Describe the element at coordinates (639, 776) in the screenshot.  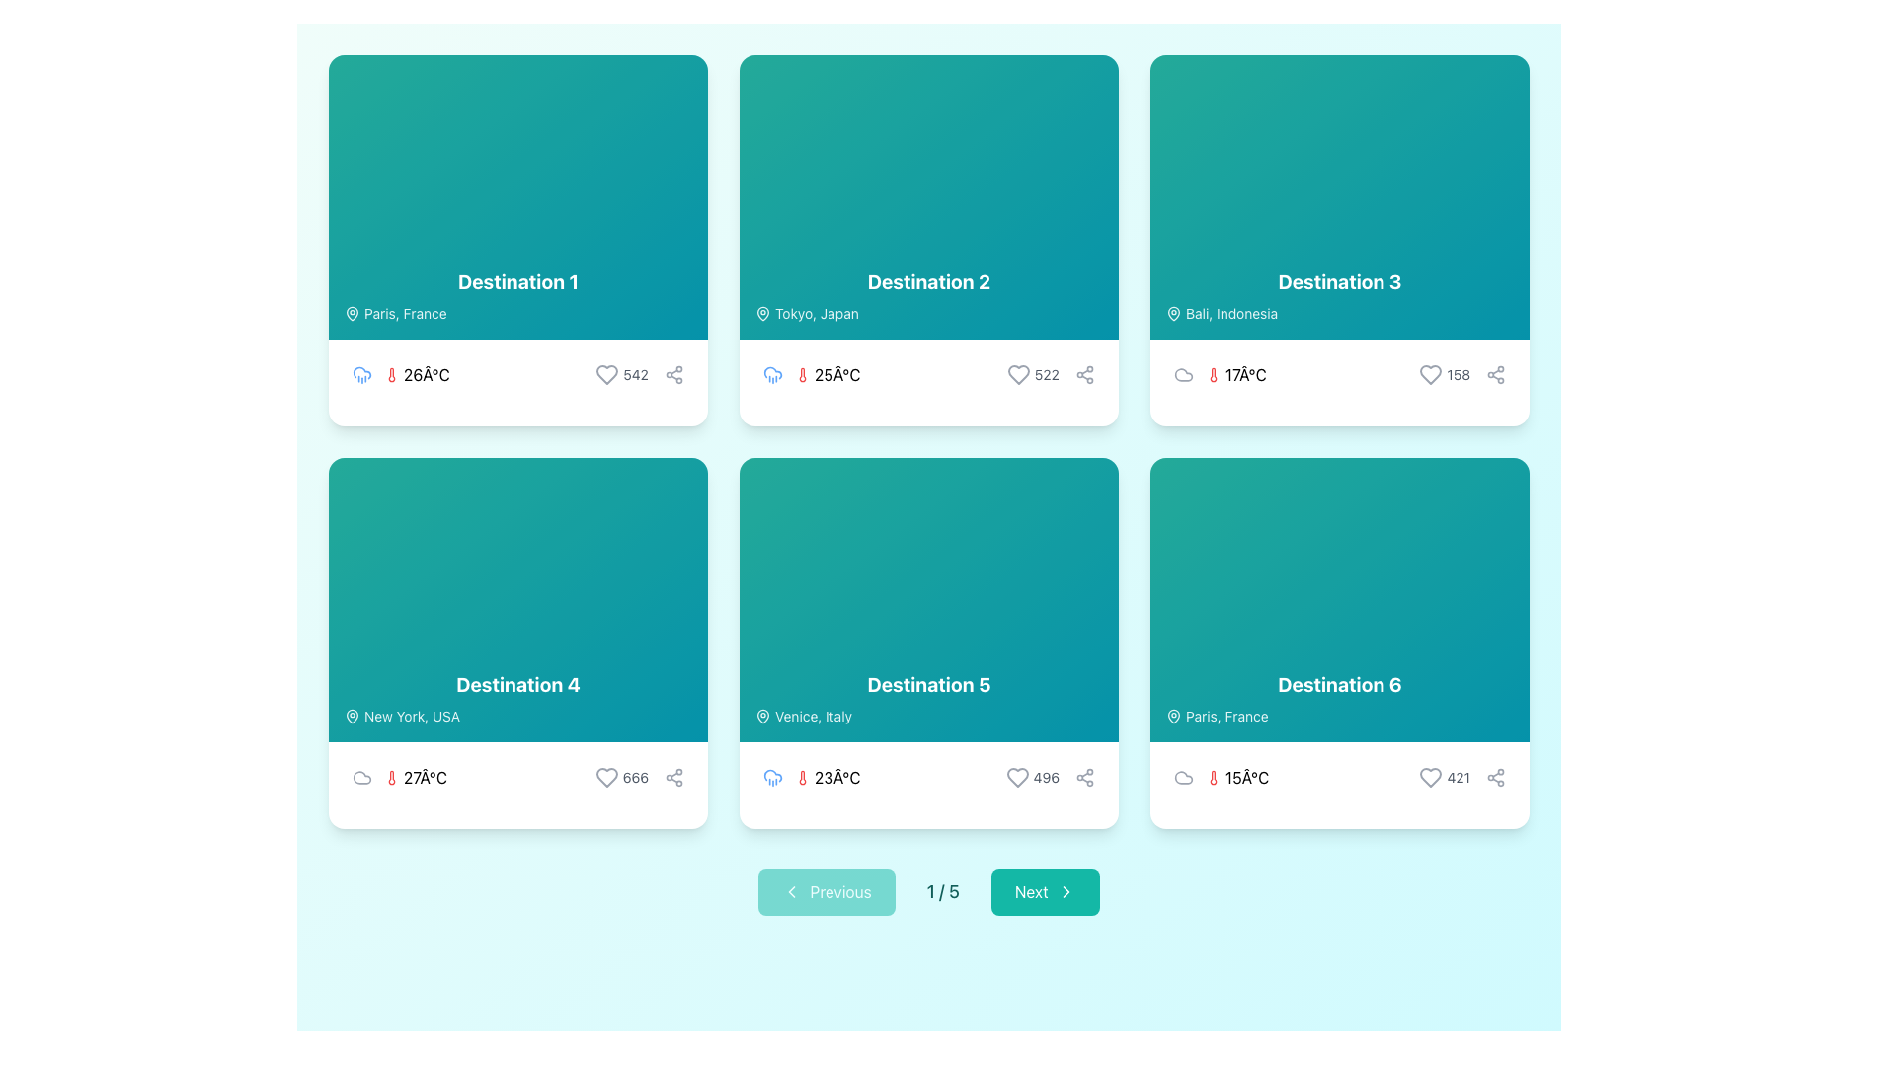
I see `the numerical text '666' styled in a small, gray font, located within the fourth card in the grid layout, positioned between the heart icon and the share icon` at that location.